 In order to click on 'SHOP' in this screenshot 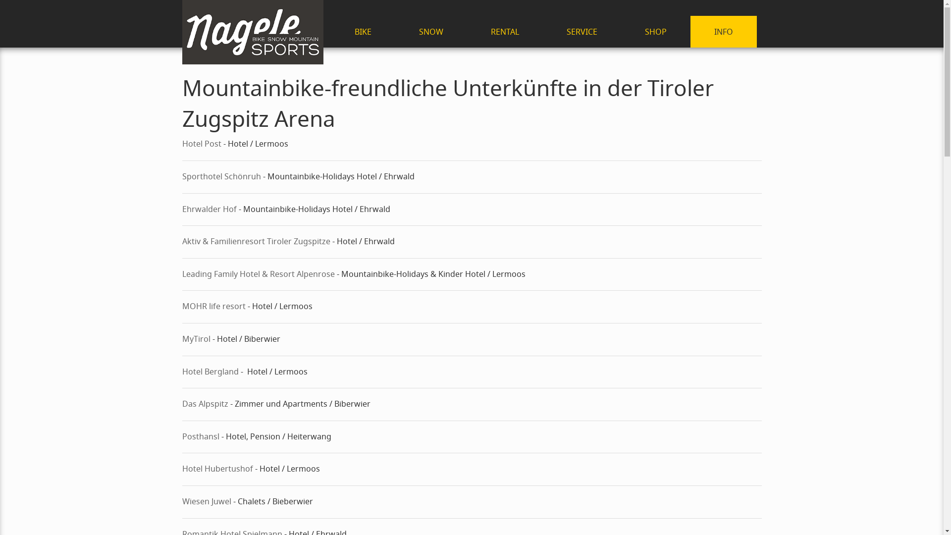, I will do `click(620, 31)`.